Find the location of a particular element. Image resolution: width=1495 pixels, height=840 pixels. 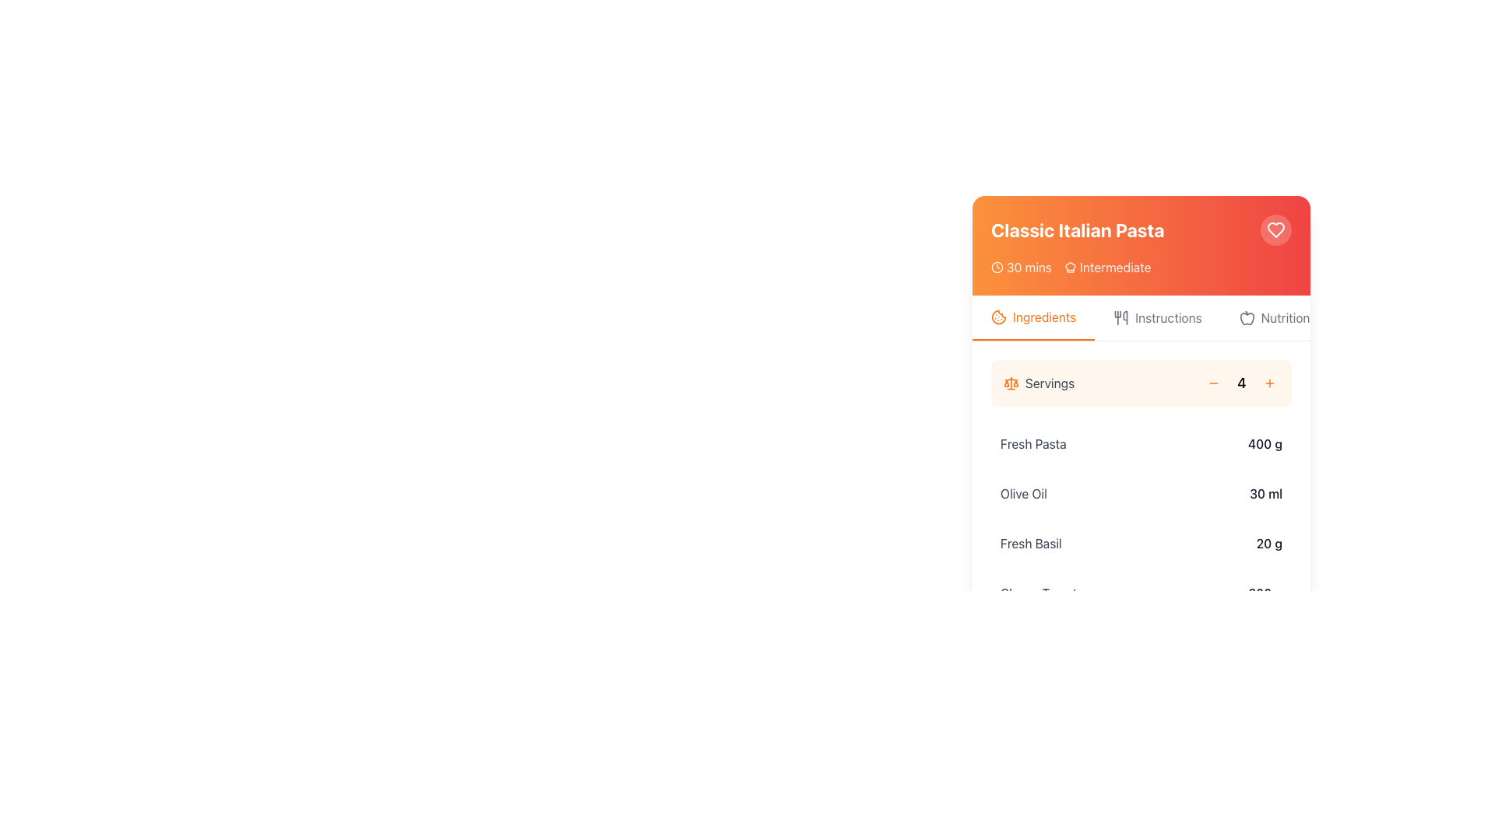

the list item row displaying 'Cherry Tomatoes' and '200 g', which is the bottom-most item in the ingredient list is located at coordinates (1141, 593).